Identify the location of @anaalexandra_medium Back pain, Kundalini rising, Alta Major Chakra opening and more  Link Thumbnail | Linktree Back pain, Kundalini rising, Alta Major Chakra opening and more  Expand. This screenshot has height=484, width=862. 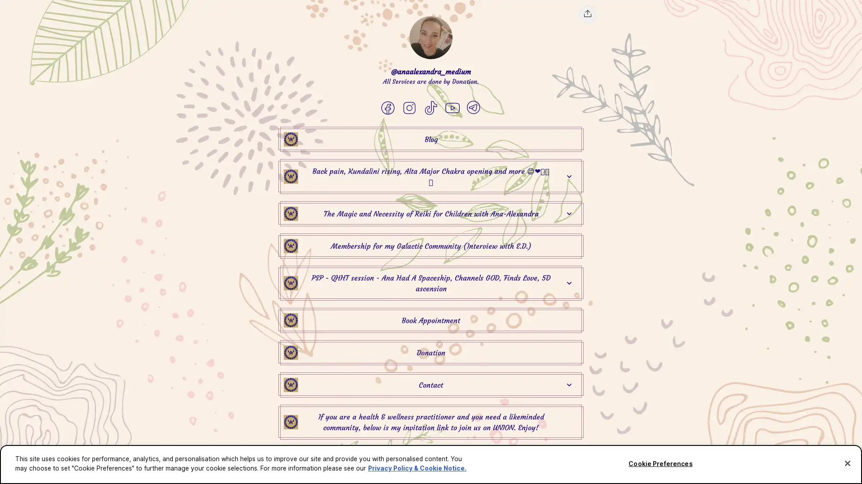
(431, 176).